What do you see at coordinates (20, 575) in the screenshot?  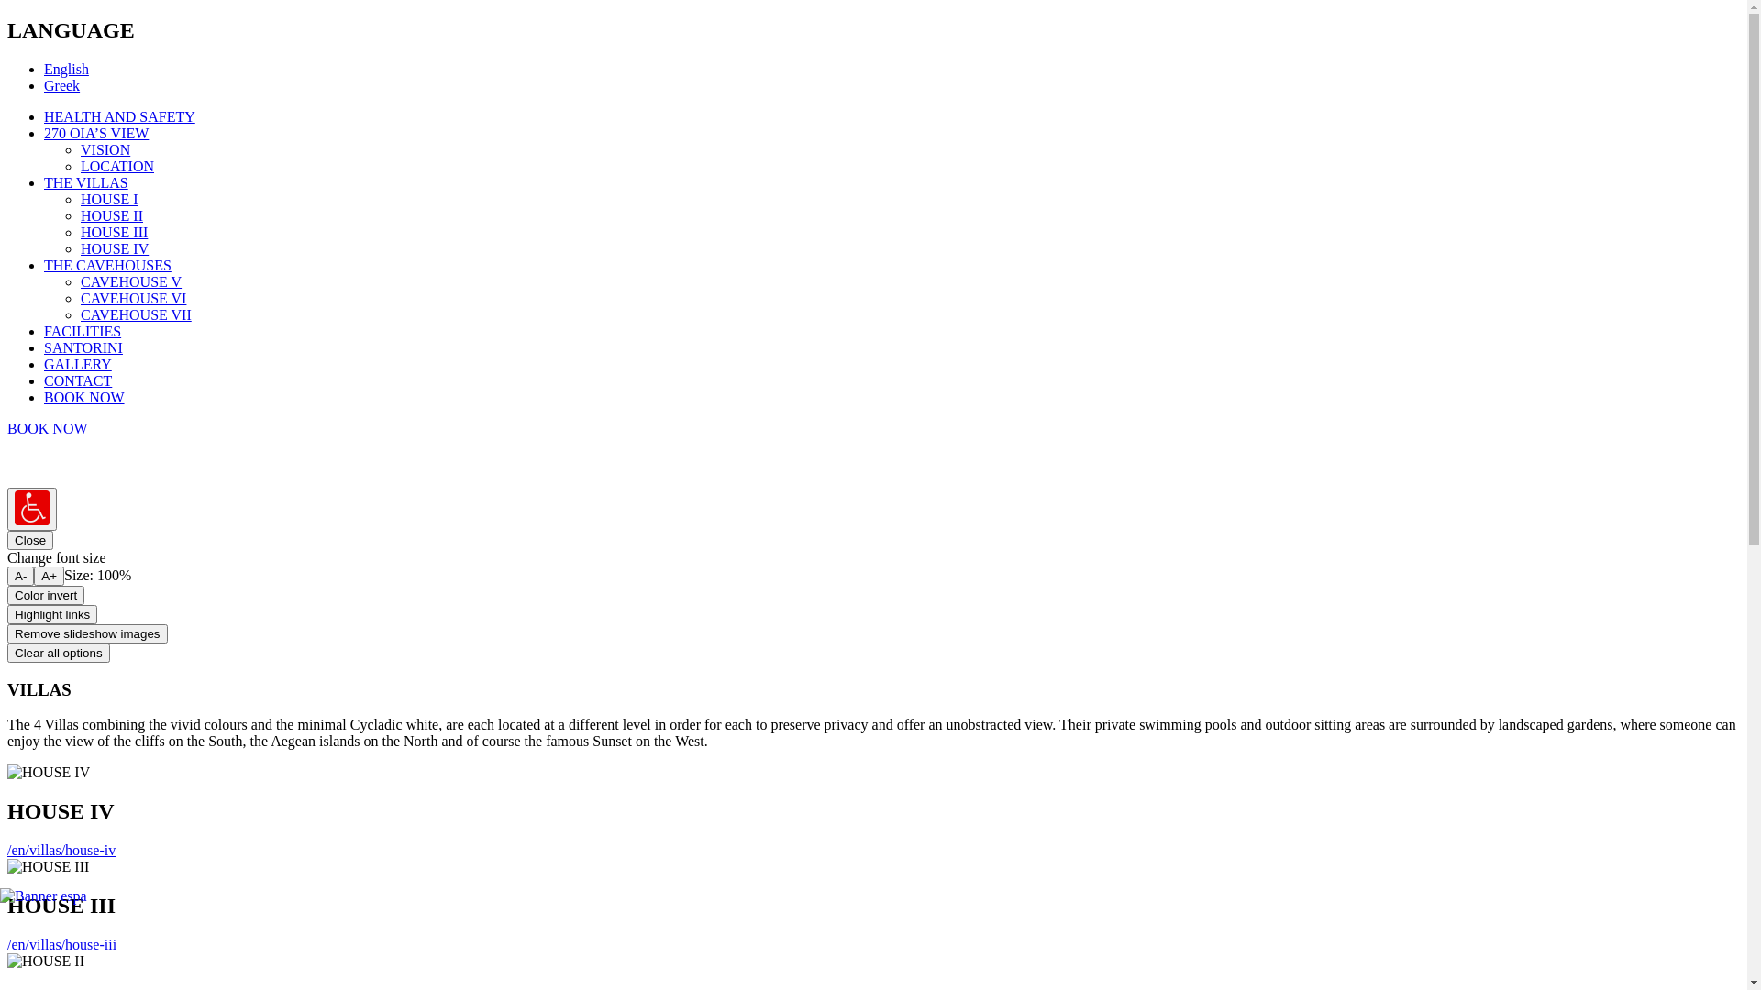 I see `'A-'` at bounding box center [20, 575].